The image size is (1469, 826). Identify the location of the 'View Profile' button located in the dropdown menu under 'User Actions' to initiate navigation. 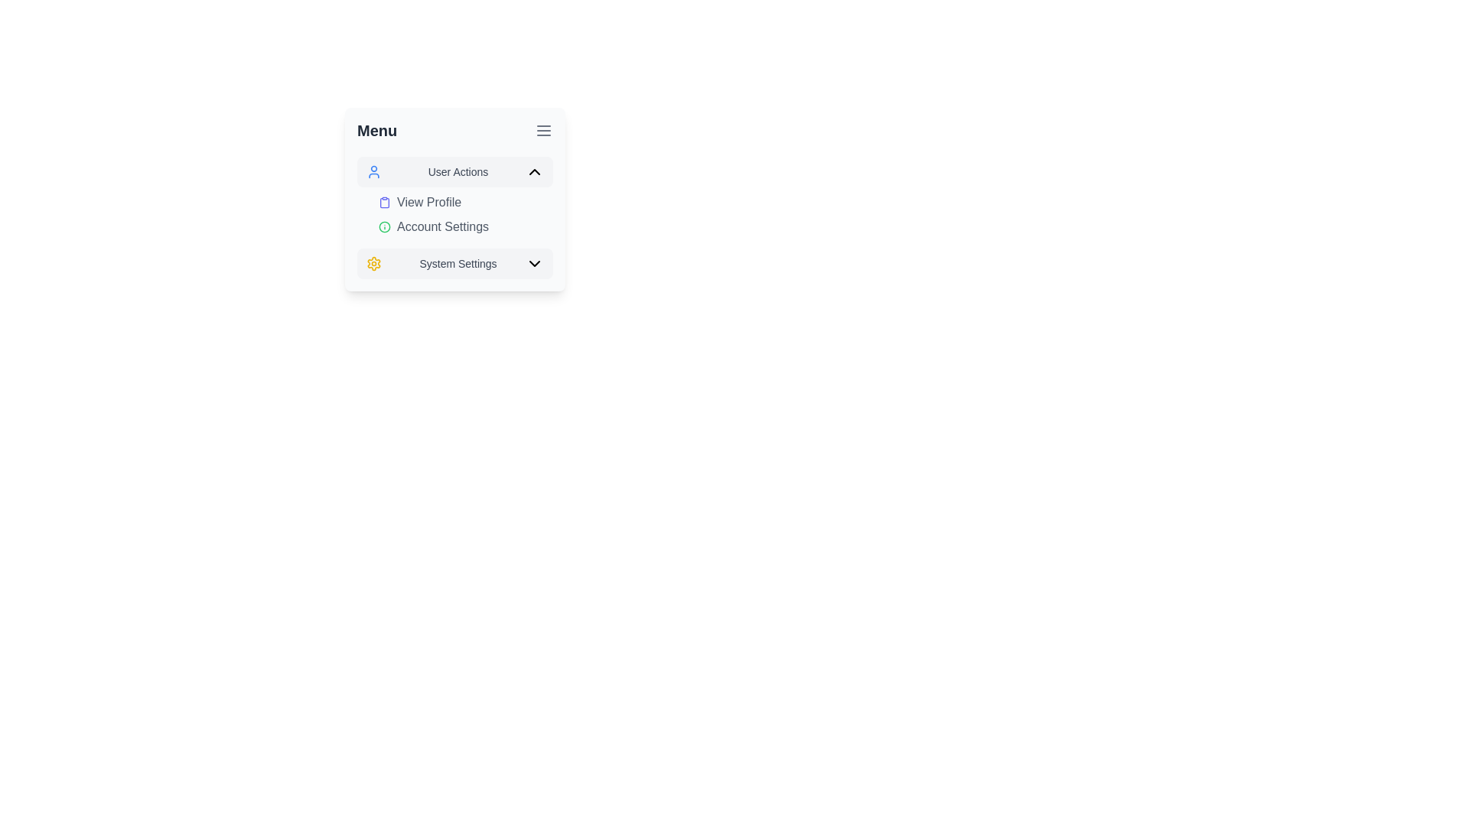
(465, 202).